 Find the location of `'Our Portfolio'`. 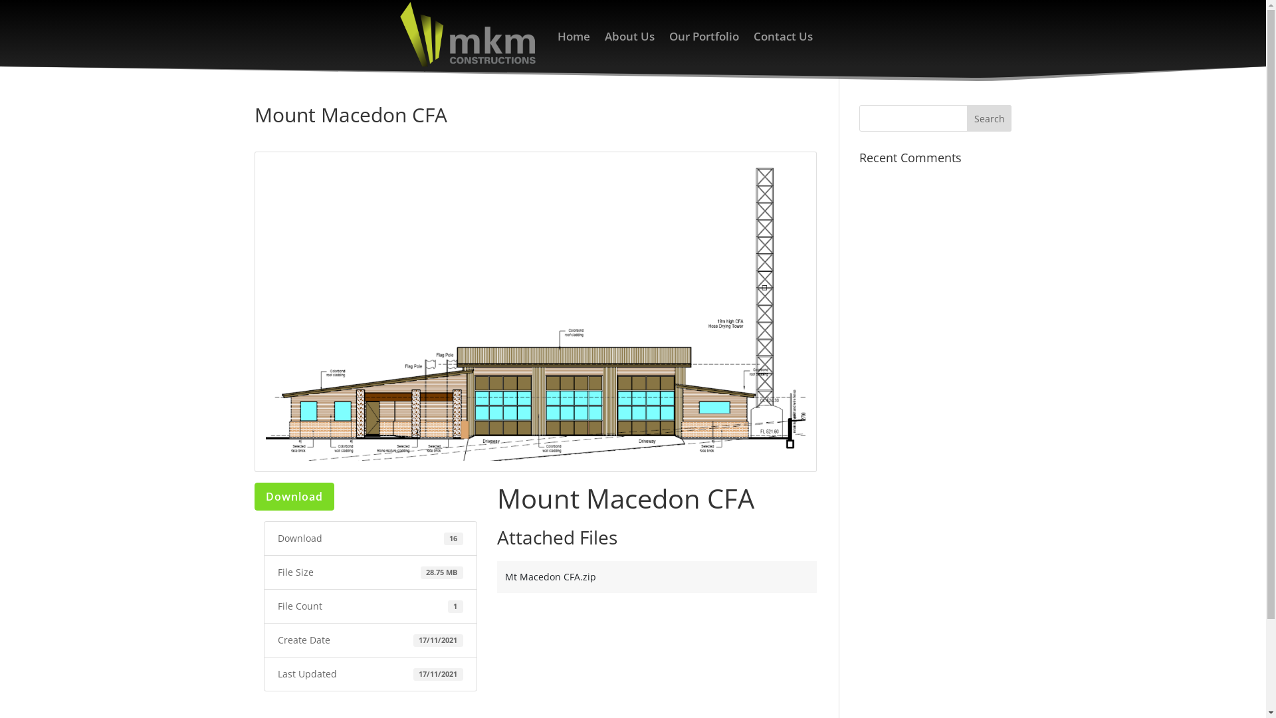

'Our Portfolio' is located at coordinates (703, 36).